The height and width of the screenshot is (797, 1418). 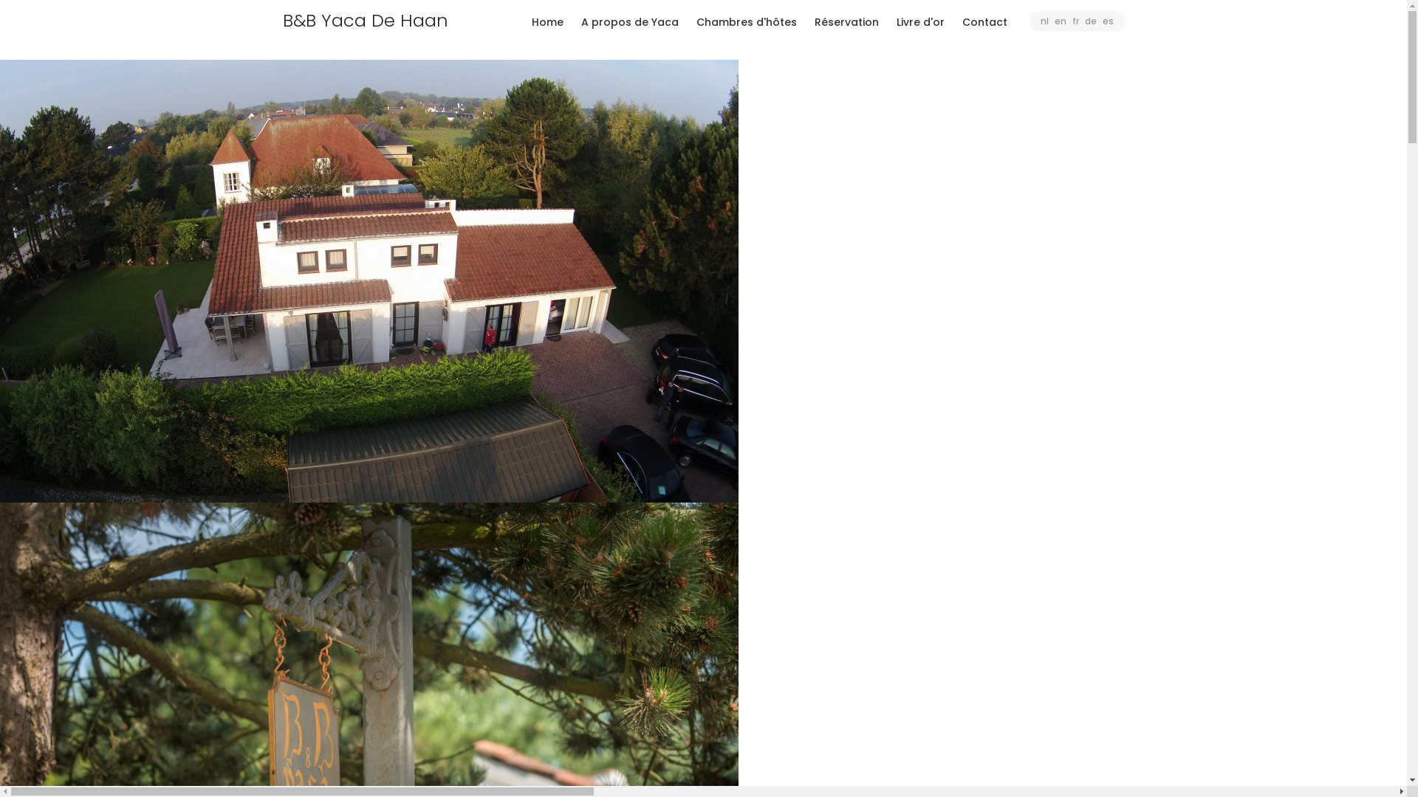 What do you see at coordinates (1043, 21) in the screenshot?
I see `'nl'` at bounding box center [1043, 21].